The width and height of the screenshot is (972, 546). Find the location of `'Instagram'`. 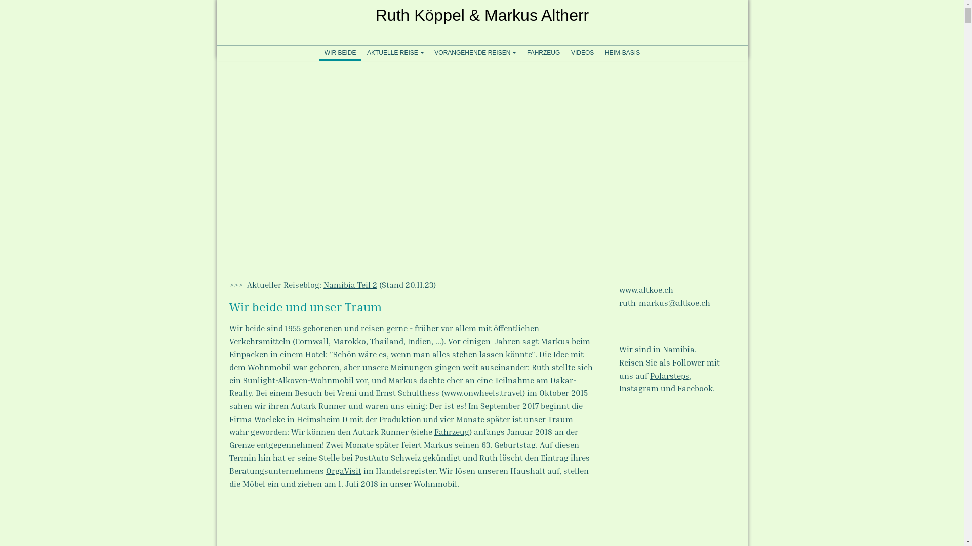

'Instagram' is located at coordinates (638, 387).